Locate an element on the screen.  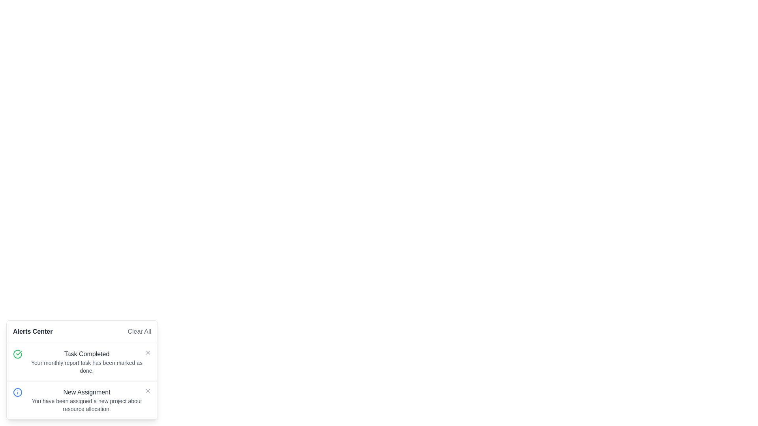
the text label that reads 'You have been assigned a new project about resource allocation.' which is located beneath the heading 'New Assignment' within the notification card in the Alerts Center is located at coordinates (87, 405).